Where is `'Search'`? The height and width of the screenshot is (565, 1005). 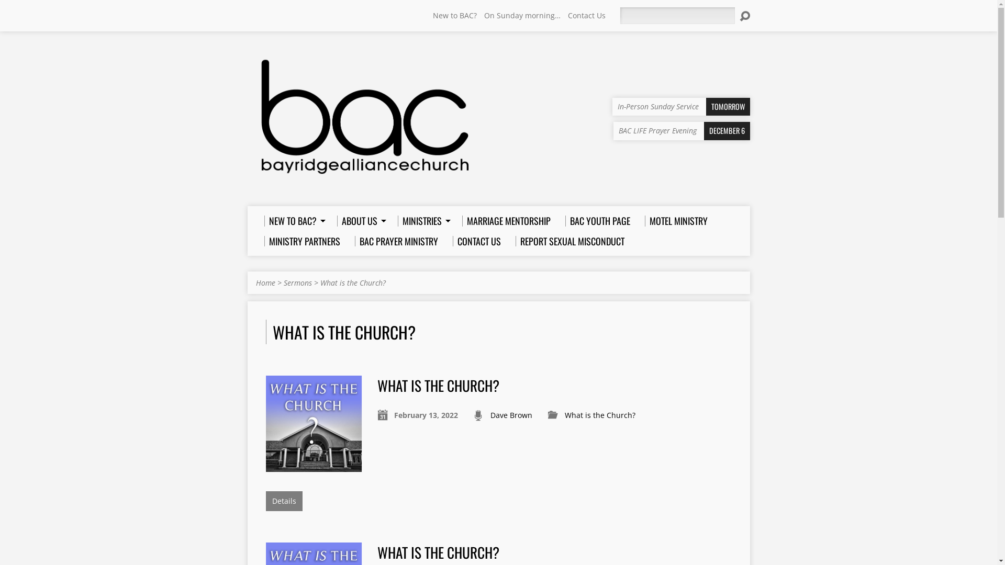 'Search' is located at coordinates (738, 16).